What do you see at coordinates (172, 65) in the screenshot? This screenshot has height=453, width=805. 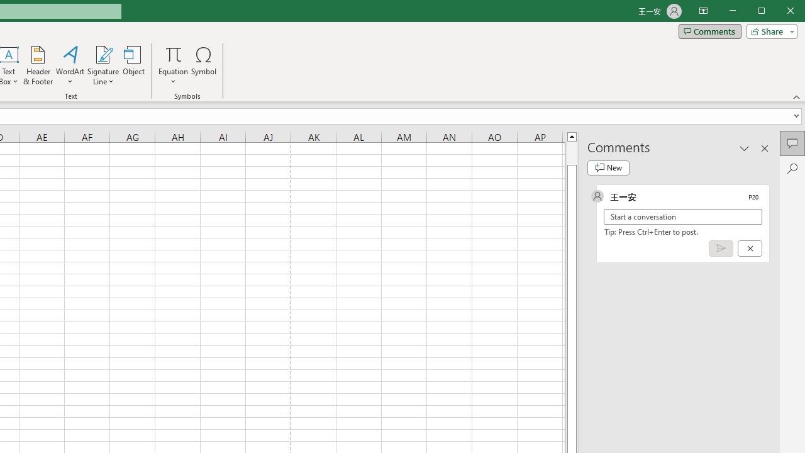 I see `'Equation'` at bounding box center [172, 65].